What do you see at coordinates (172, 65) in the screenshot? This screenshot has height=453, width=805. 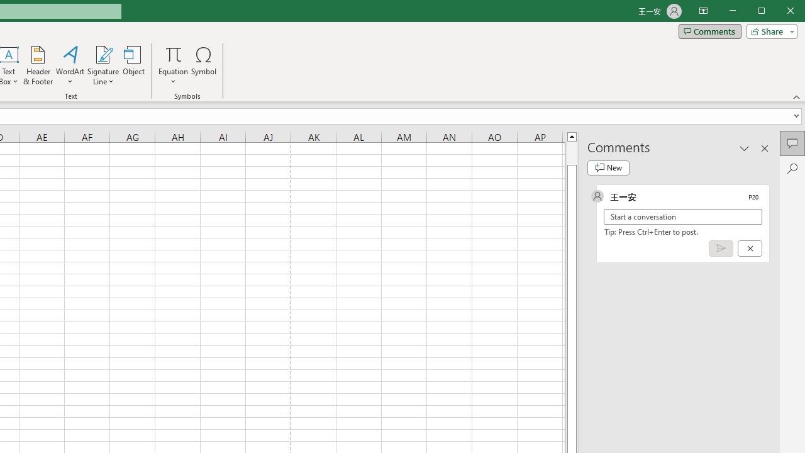 I see `'Equation'` at bounding box center [172, 65].